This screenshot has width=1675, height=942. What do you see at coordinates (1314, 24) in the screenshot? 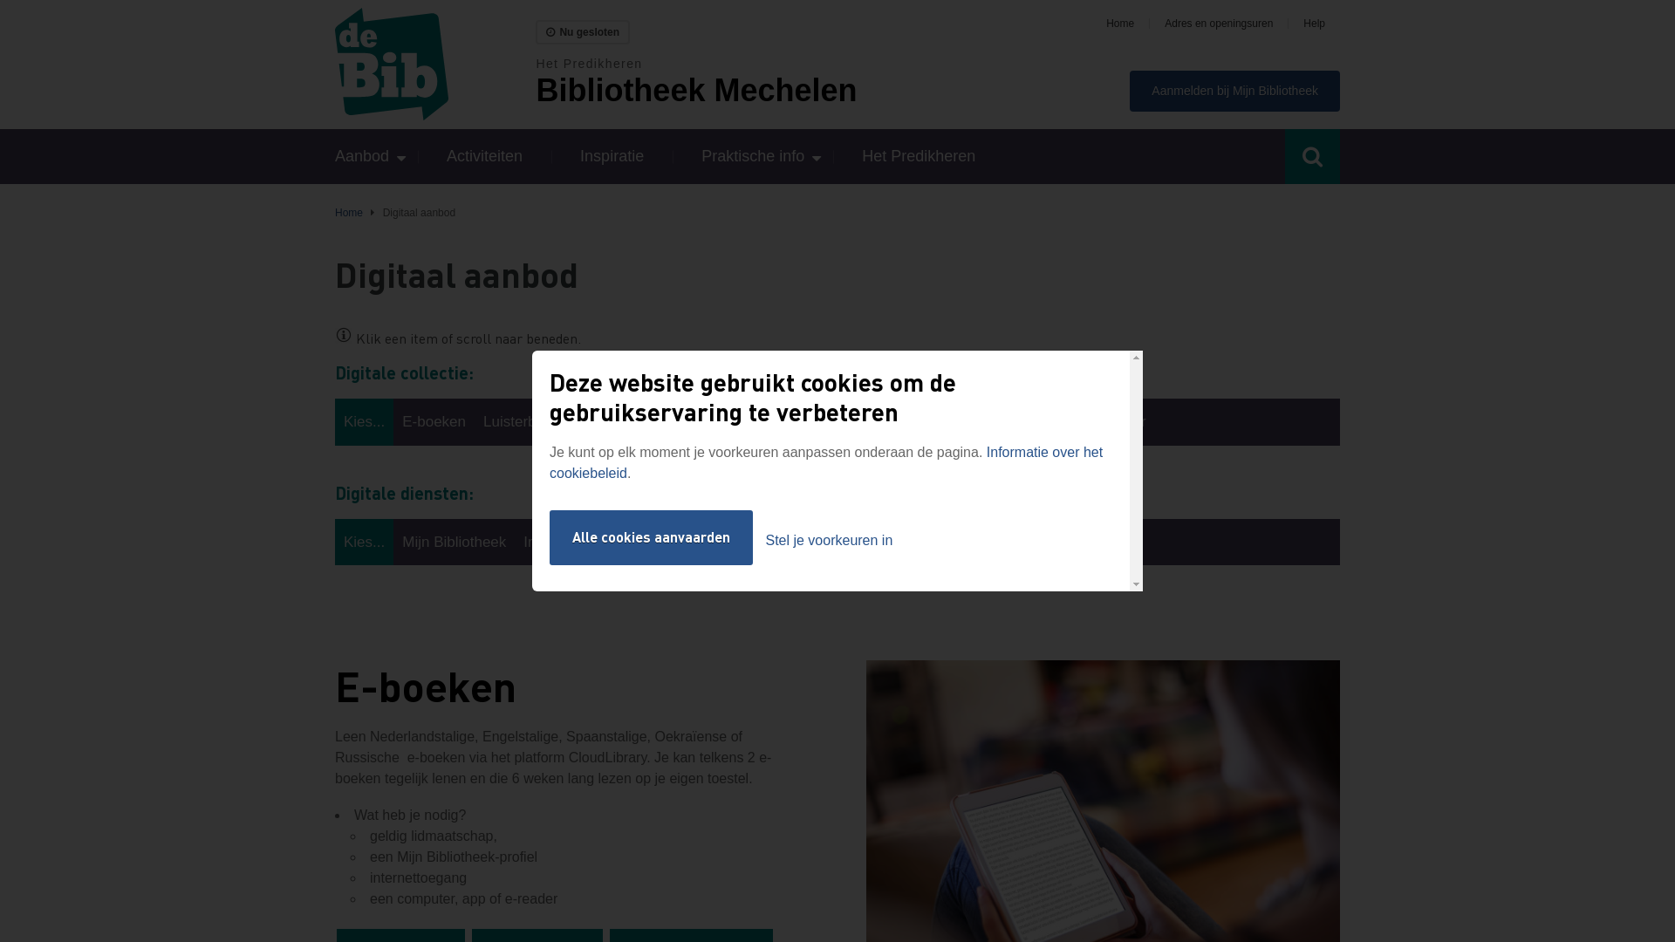
I see `'Help'` at bounding box center [1314, 24].